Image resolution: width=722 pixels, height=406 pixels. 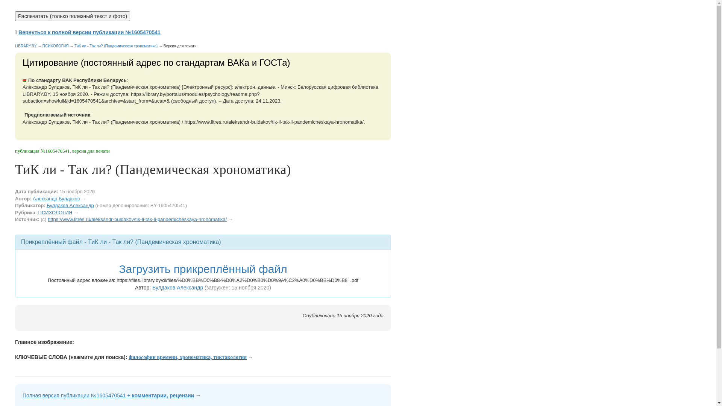 What do you see at coordinates (26, 46) in the screenshot?
I see `'LIBRARY.BY'` at bounding box center [26, 46].